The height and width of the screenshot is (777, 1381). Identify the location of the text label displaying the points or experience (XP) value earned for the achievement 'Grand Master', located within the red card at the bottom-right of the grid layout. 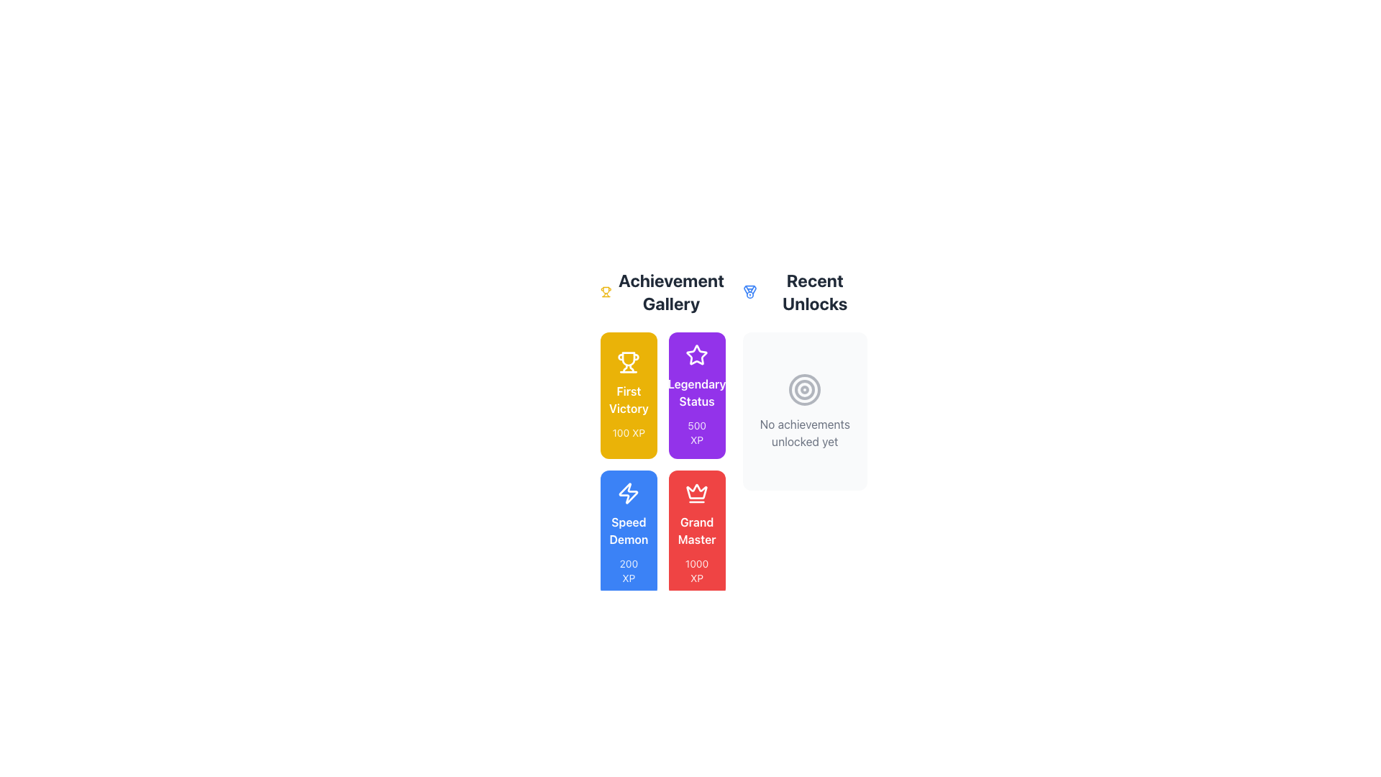
(697, 571).